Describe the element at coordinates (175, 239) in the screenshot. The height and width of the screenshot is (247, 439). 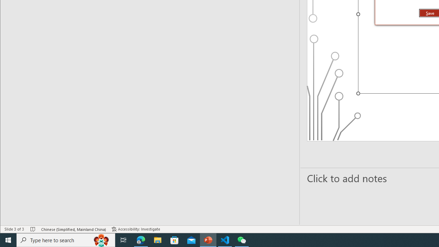
I see `'Microsoft Store'` at that location.